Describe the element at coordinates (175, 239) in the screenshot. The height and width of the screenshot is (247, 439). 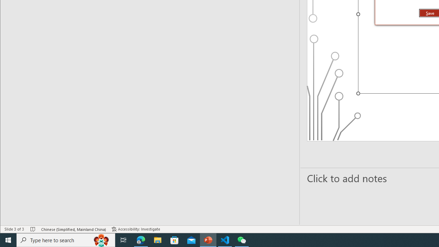
I see `'Microsoft Store'` at that location.